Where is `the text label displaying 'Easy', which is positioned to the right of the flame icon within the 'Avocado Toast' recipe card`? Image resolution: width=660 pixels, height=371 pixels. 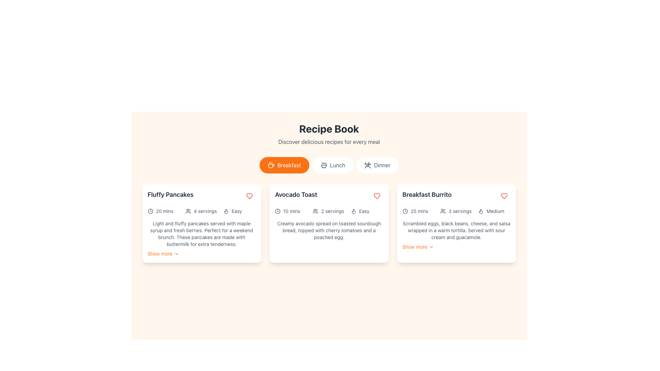 the text label displaying 'Easy', which is positioned to the right of the flame icon within the 'Avocado Toast' recipe card is located at coordinates (364, 211).